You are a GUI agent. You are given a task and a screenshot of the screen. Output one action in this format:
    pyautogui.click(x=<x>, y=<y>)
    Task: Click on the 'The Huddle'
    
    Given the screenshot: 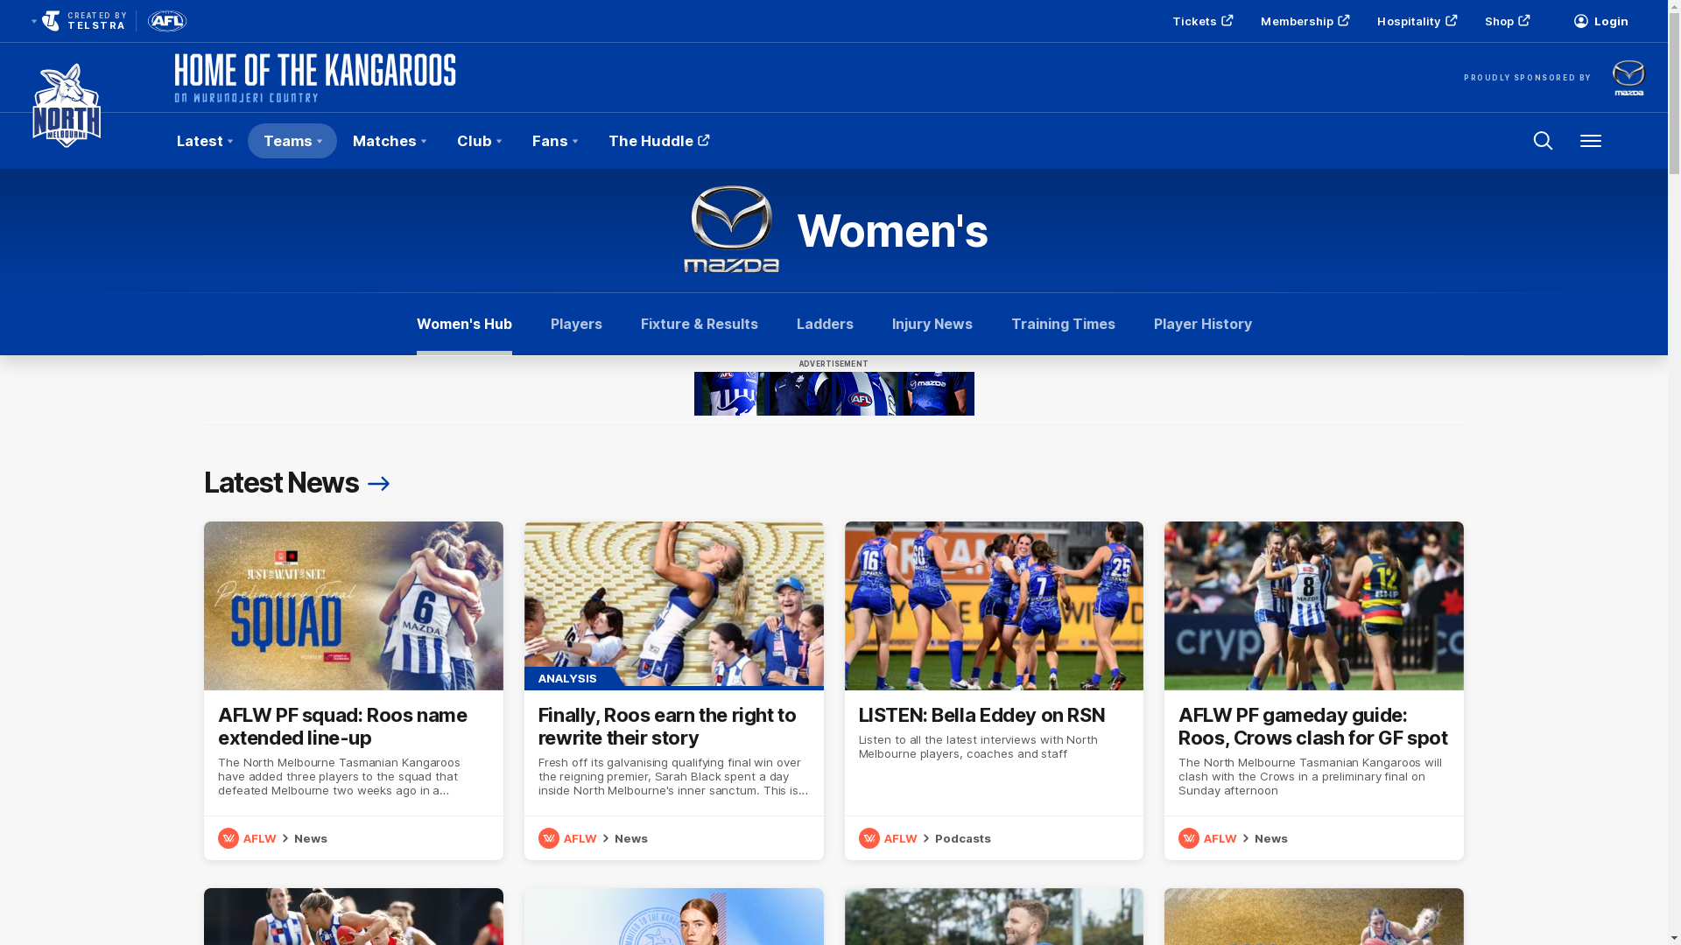 What is the action you would take?
    pyautogui.click(x=656, y=140)
    